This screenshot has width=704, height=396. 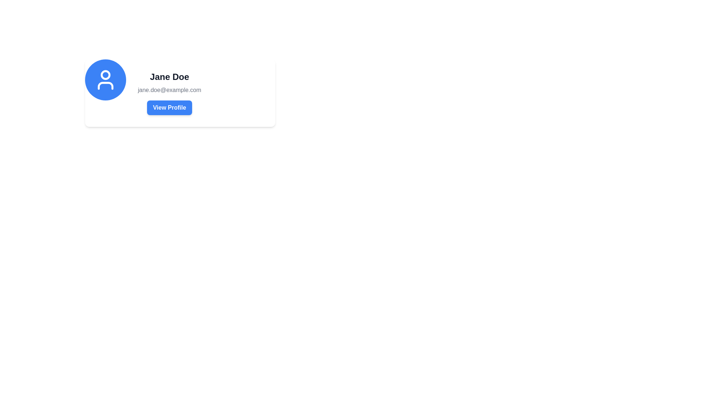 I want to click on the button located below the text elements 'Jane Doe' and 'jane.doe@example.com' in the user profile card, so click(x=169, y=107).